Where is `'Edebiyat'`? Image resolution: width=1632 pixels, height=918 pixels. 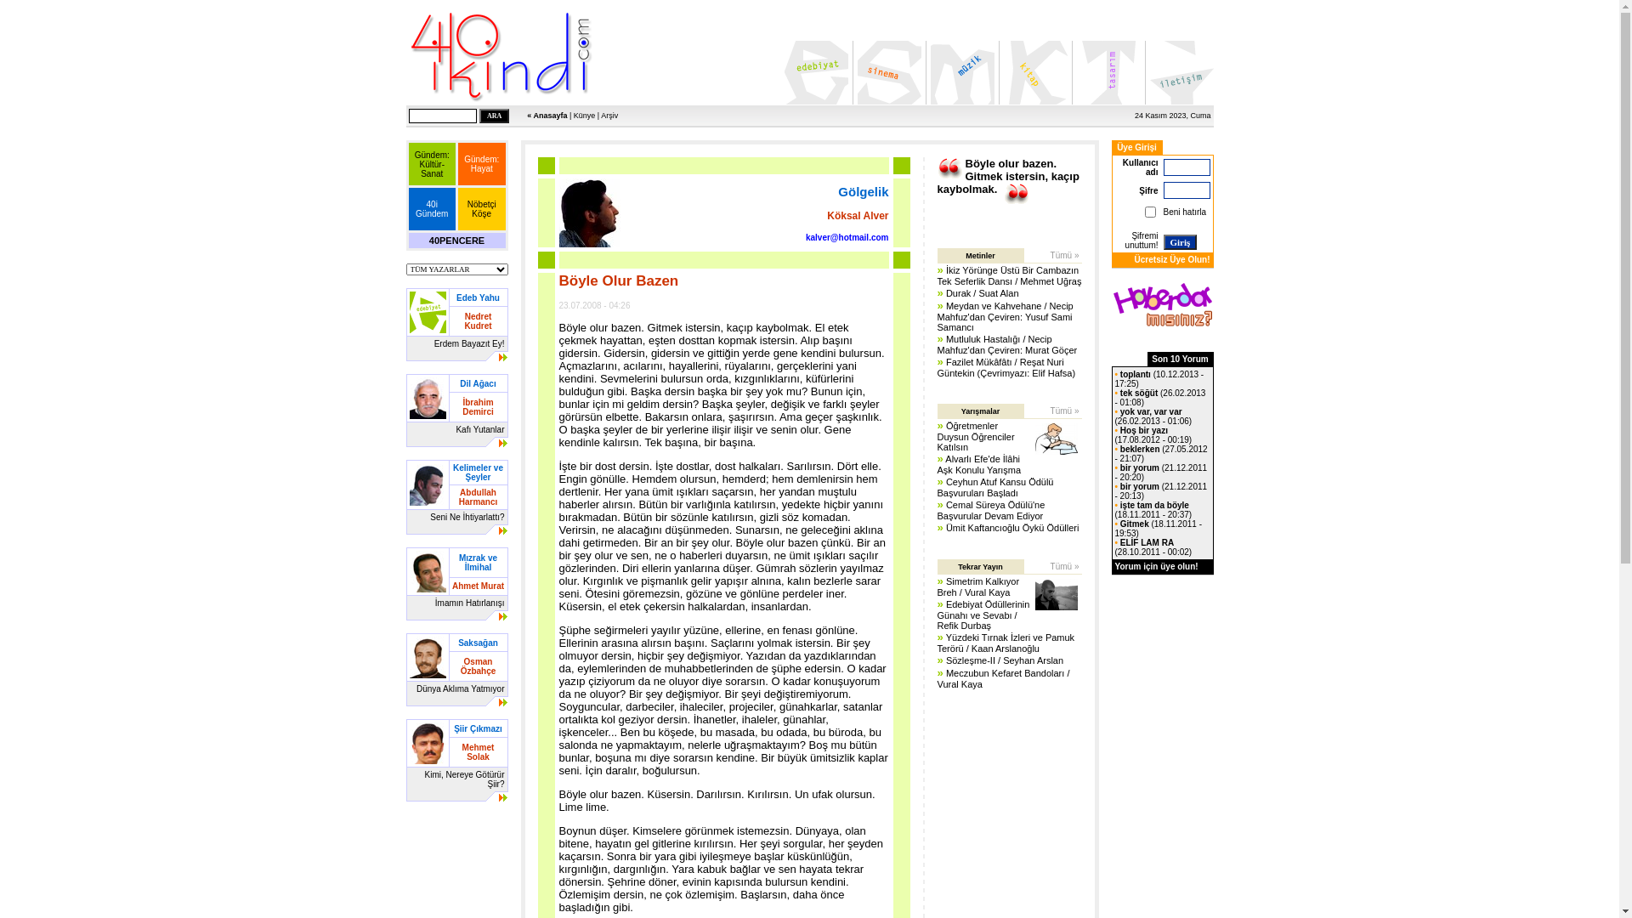
'Edebiyat' is located at coordinates (814, 71).